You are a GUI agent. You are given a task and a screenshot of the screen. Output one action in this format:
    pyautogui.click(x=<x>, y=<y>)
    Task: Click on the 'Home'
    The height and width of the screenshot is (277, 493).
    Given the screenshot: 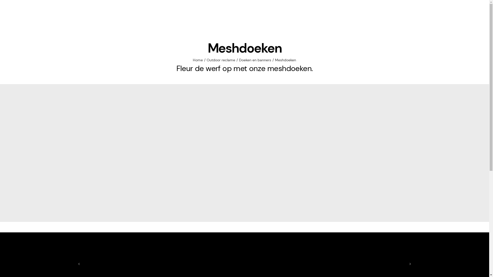 What is the action you would take?
    pyautogui.click(x=197, y=60)
    